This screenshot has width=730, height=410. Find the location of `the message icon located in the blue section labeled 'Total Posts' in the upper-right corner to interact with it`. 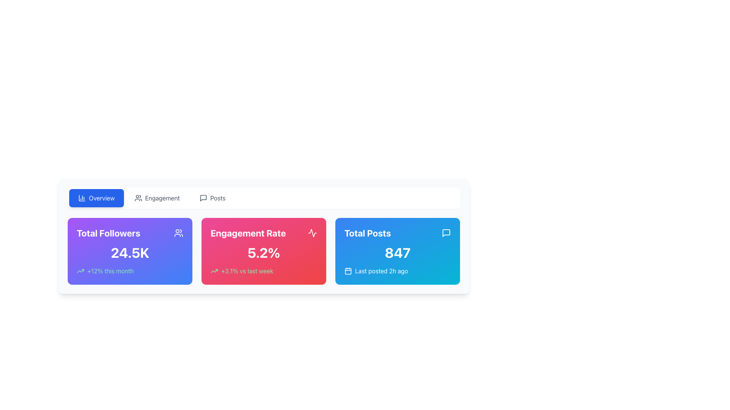

the message icon located in the blue section labeled 'Total Posts' in the upper-right corner to interact with it is located at coordinates (446, 232).